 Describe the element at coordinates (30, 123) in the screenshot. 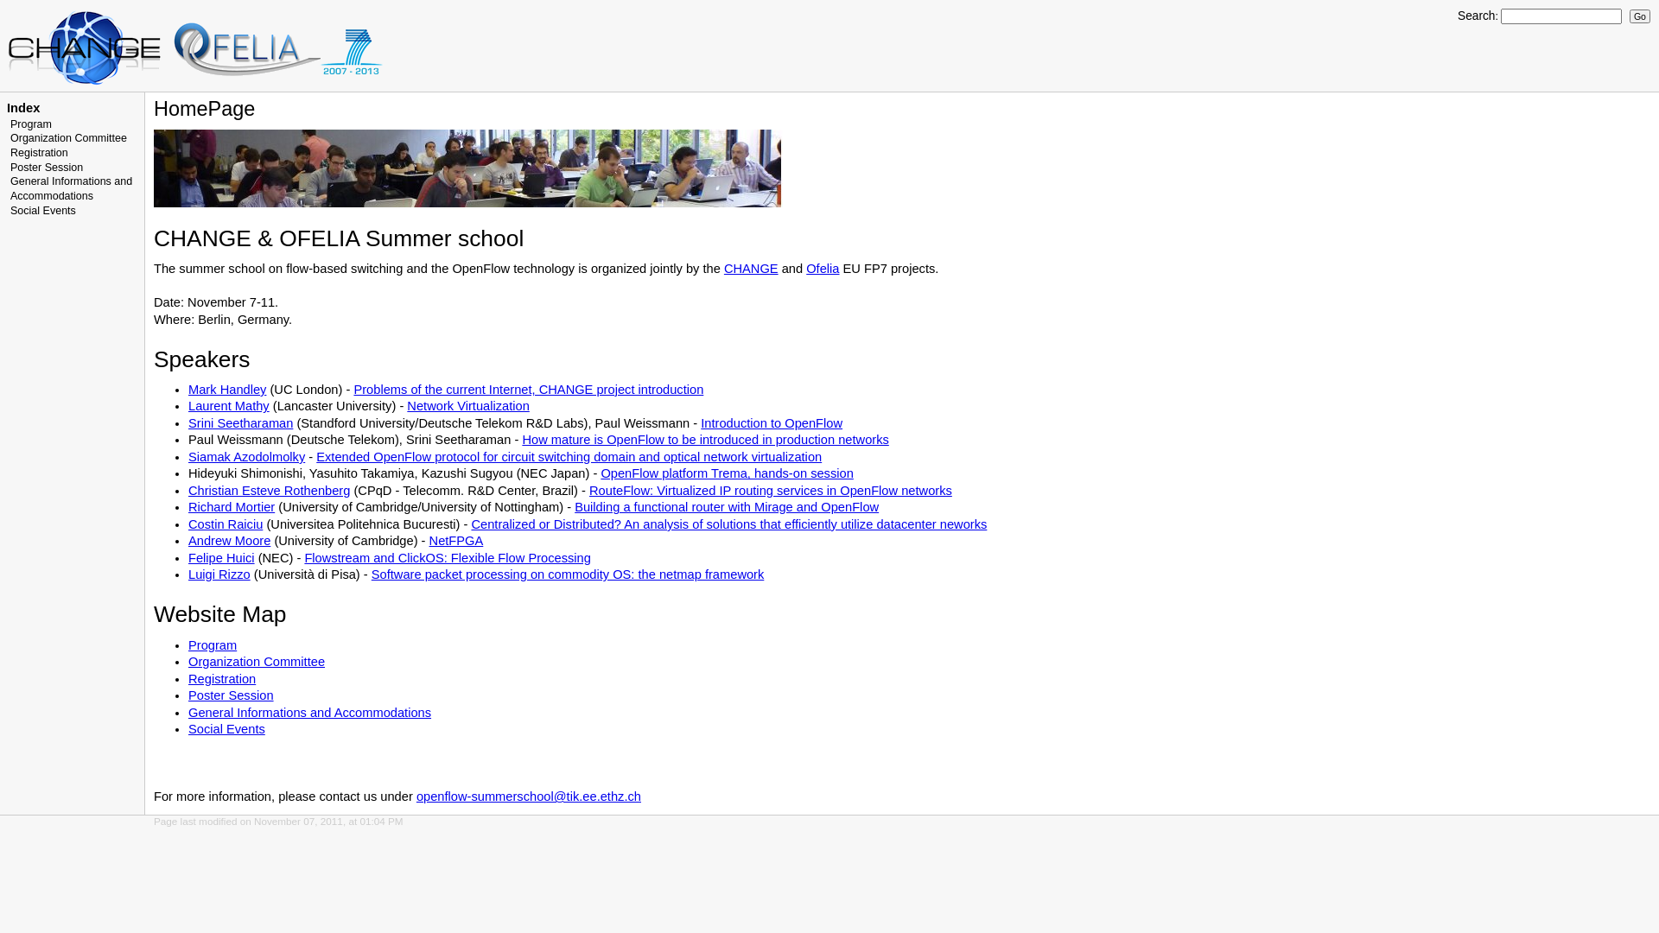

I see `'Program'` at that location.